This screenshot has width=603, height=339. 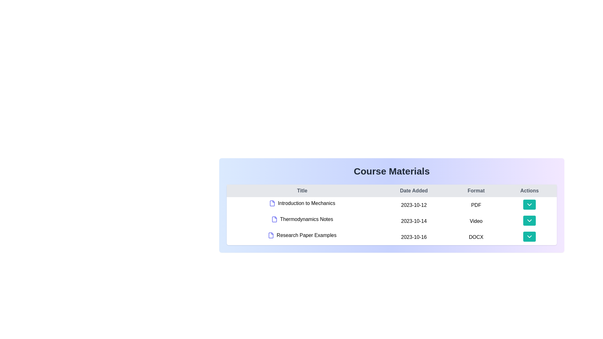 I want to click on the downward-pointing chevron icon with a teal background located in the 'Actions' column of the first row of the table for hover effects, so click(x=529, y=204).